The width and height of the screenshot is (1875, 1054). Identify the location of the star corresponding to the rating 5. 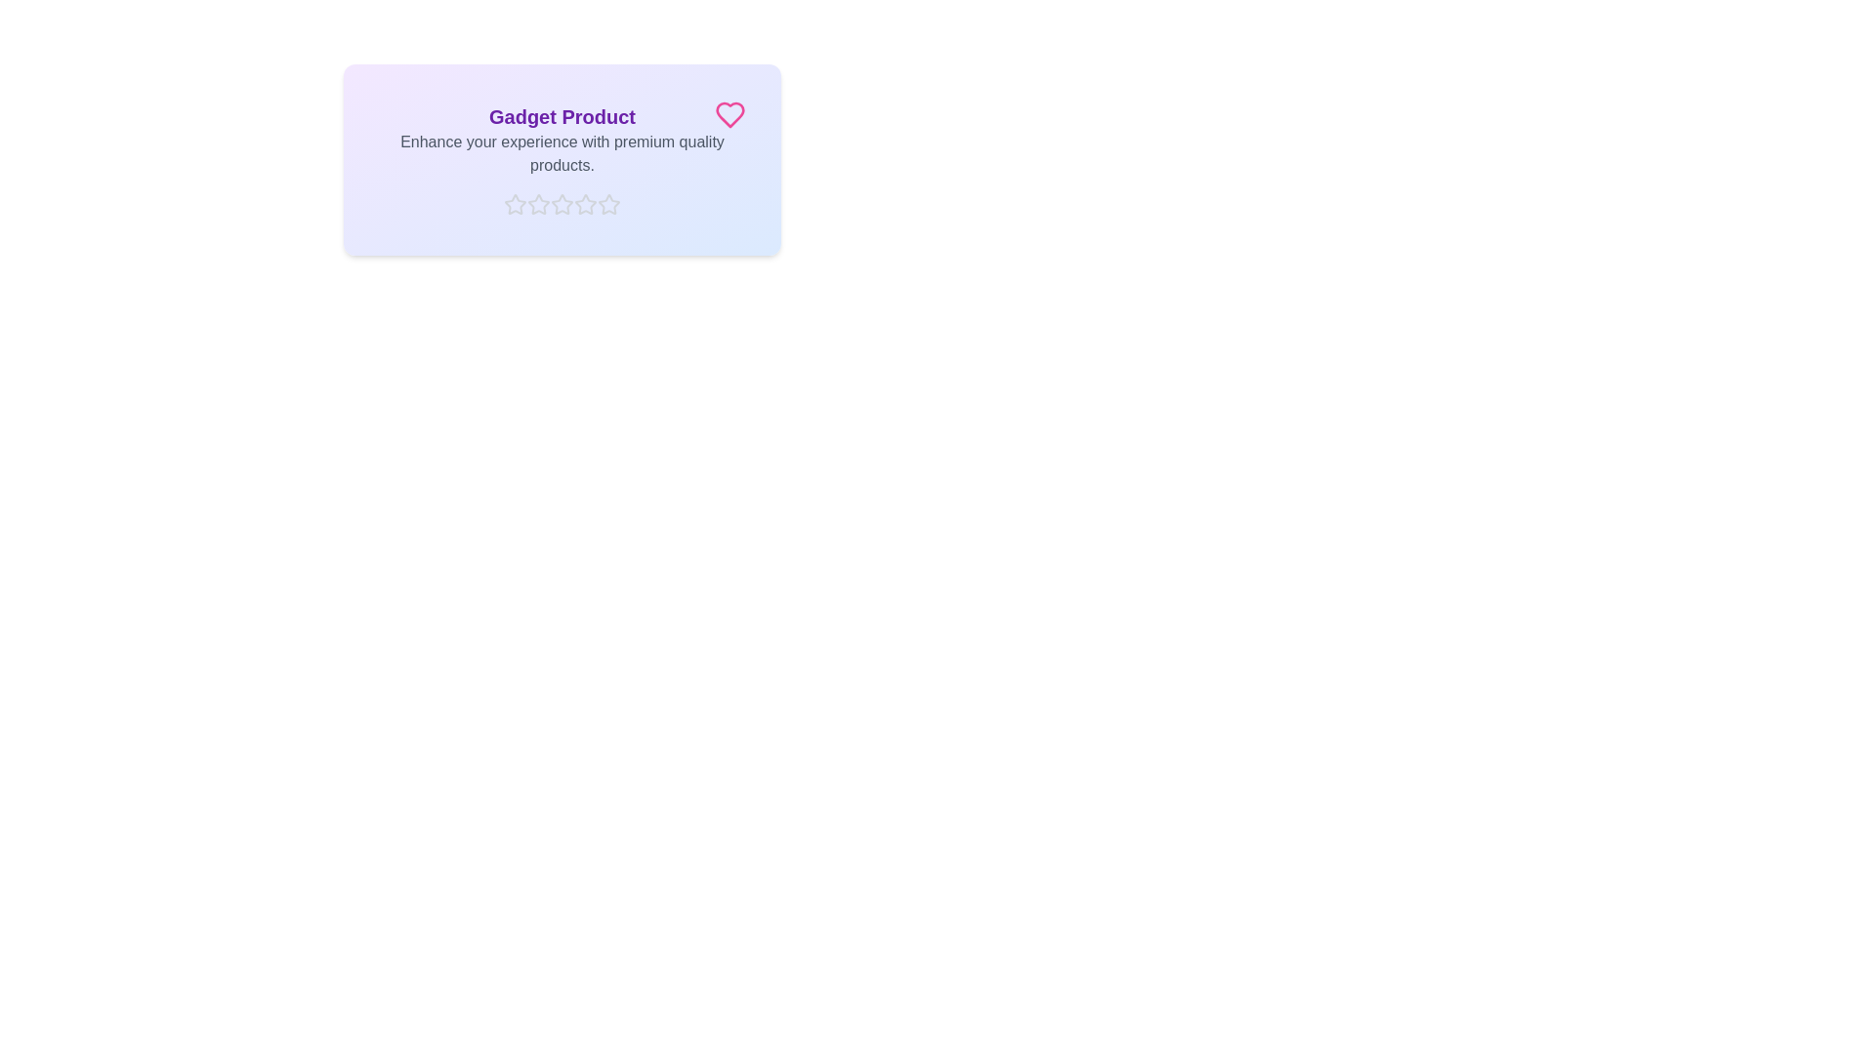
(608, 204).